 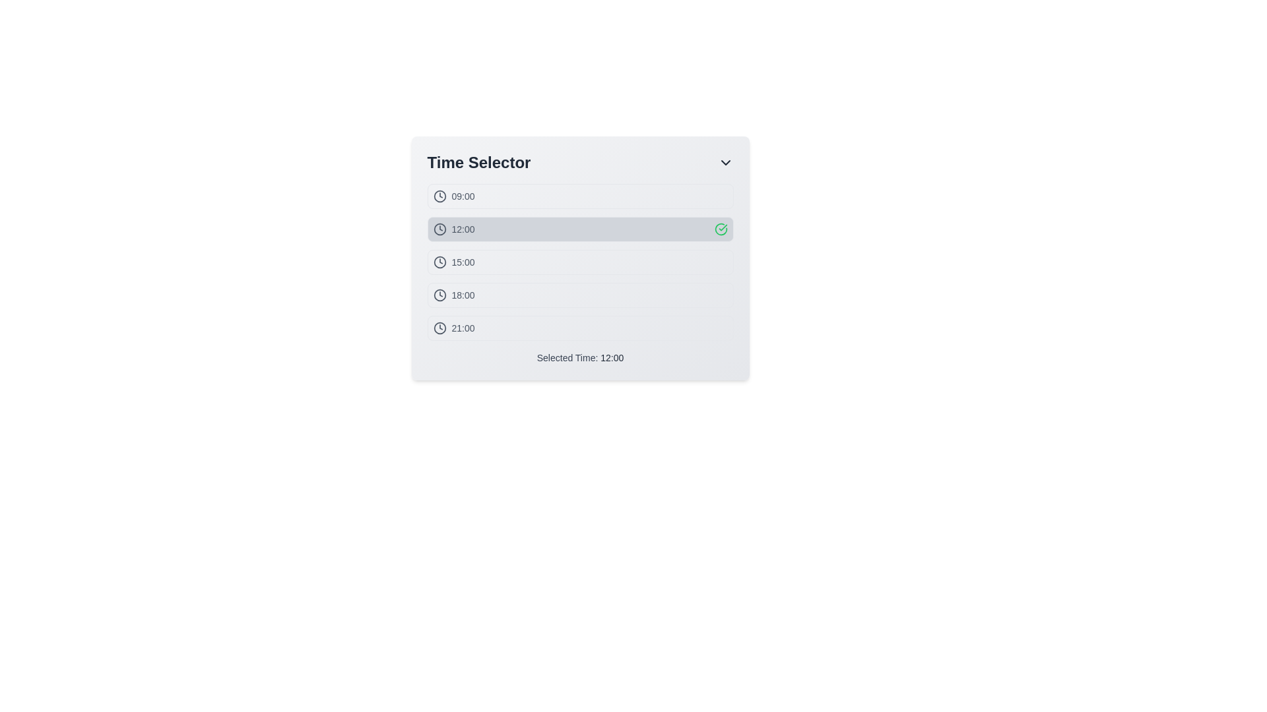 What do you see at coordinates (720, 228) in the screenshot?
I see `the status indicated by the Checkmark icon for the selected time '12:00', which is located at the far right of the list item` at bounding box center [720, 228].